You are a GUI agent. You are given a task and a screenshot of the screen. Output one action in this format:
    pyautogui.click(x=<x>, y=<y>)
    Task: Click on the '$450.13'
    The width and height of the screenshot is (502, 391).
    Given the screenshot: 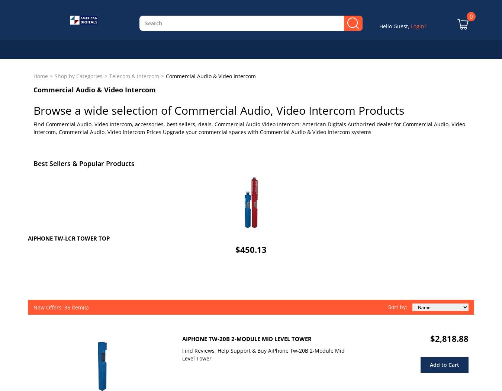 What is the action you would take?
    pyautogui.click(x=235, y=249)
    